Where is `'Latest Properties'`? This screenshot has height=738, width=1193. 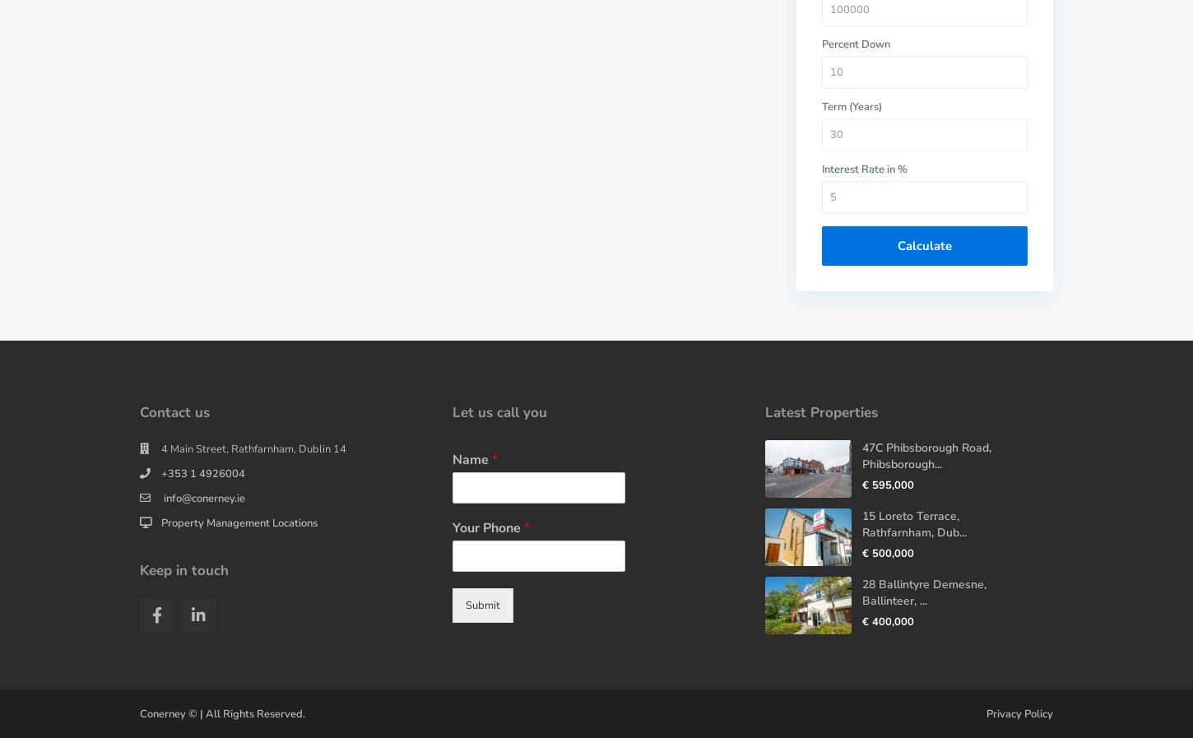 'Latest Properties' is located at coordinates (821, 412).